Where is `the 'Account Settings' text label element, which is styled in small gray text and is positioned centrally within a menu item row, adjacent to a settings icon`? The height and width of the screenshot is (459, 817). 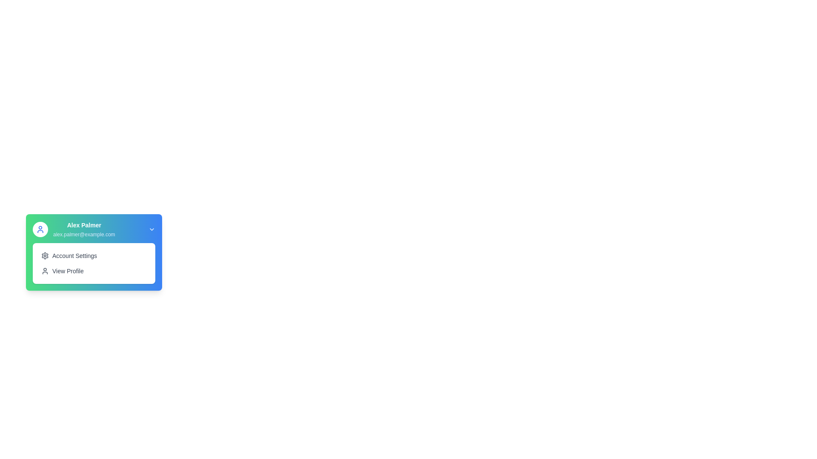 the 'Account Settings' text label element, which is styled in small gray text and is positioned centrally within a menu item row, adjacent to a settings icon is located at coordinates (74, 255).